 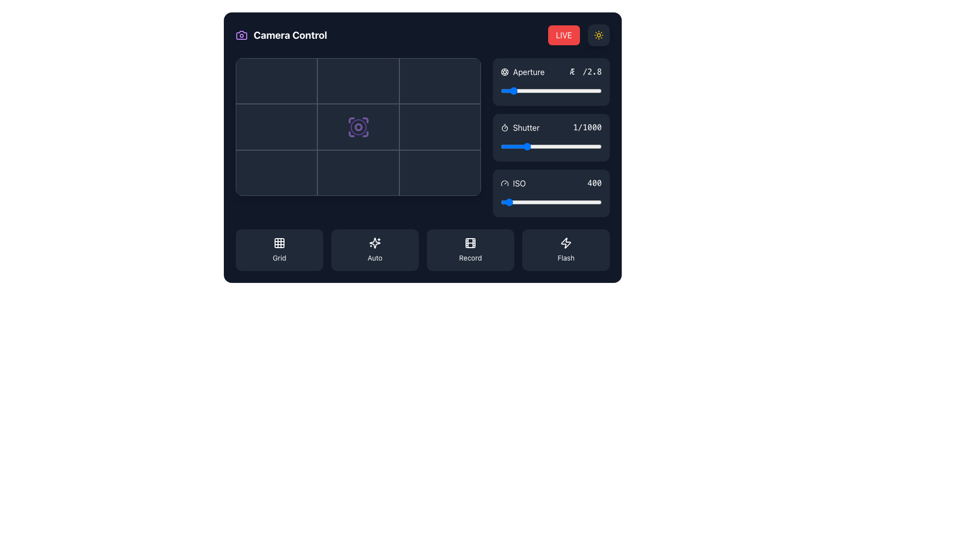 What do you see at coordinates (544, 146) in the screenshot?
I see `the shutter speed` at bounding box center [544, 146].